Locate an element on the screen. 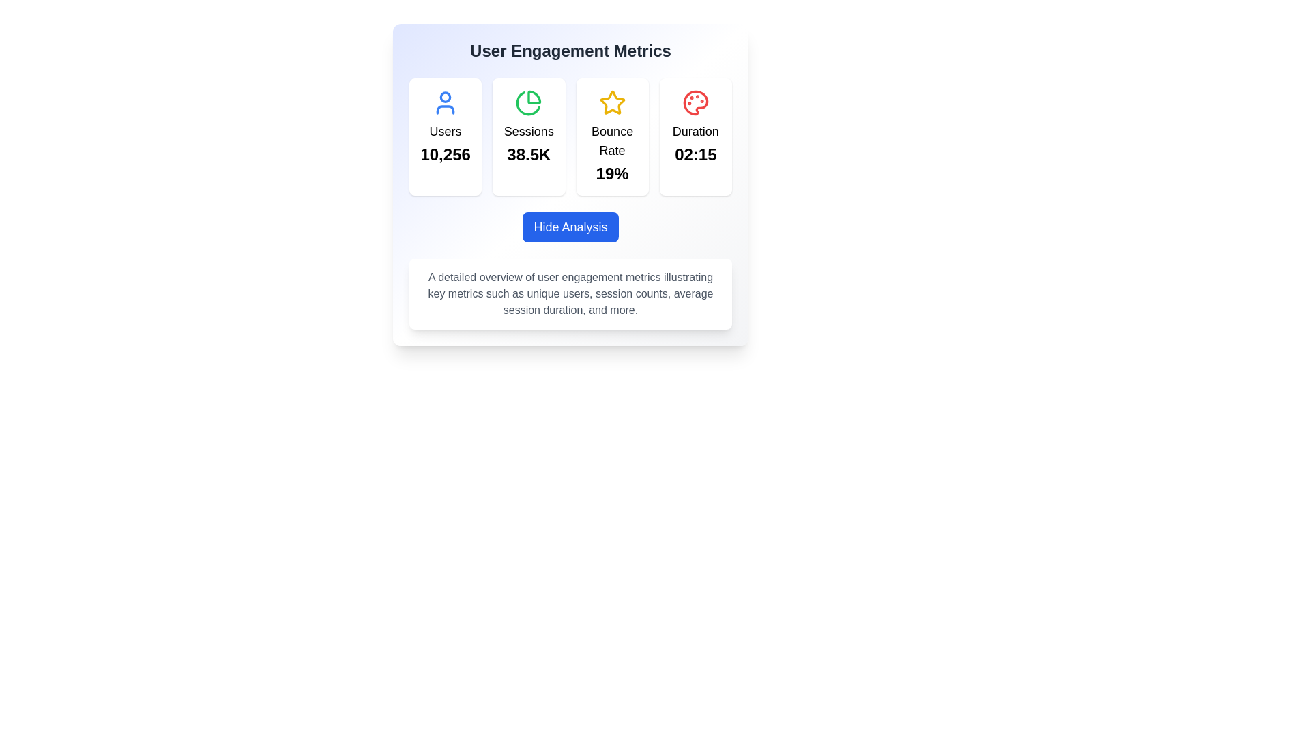  the palette icon representing the 'Duration' metric located at the top-right corner of the 'Duration' card within the 'User Engagement Metrics' section is located at coordinates (695, 102).